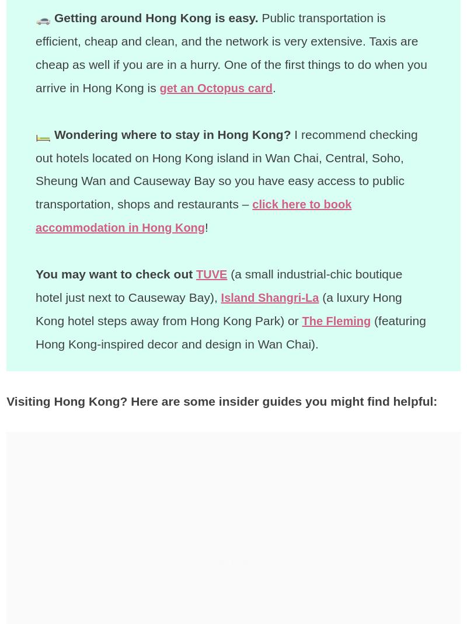 The image size is (467, 624). Describe the element at coordinates (34, 284) in the screenshot. I see `'(a small industrial-chic boutique hotel just next to Causeway Bay),'` at that location.